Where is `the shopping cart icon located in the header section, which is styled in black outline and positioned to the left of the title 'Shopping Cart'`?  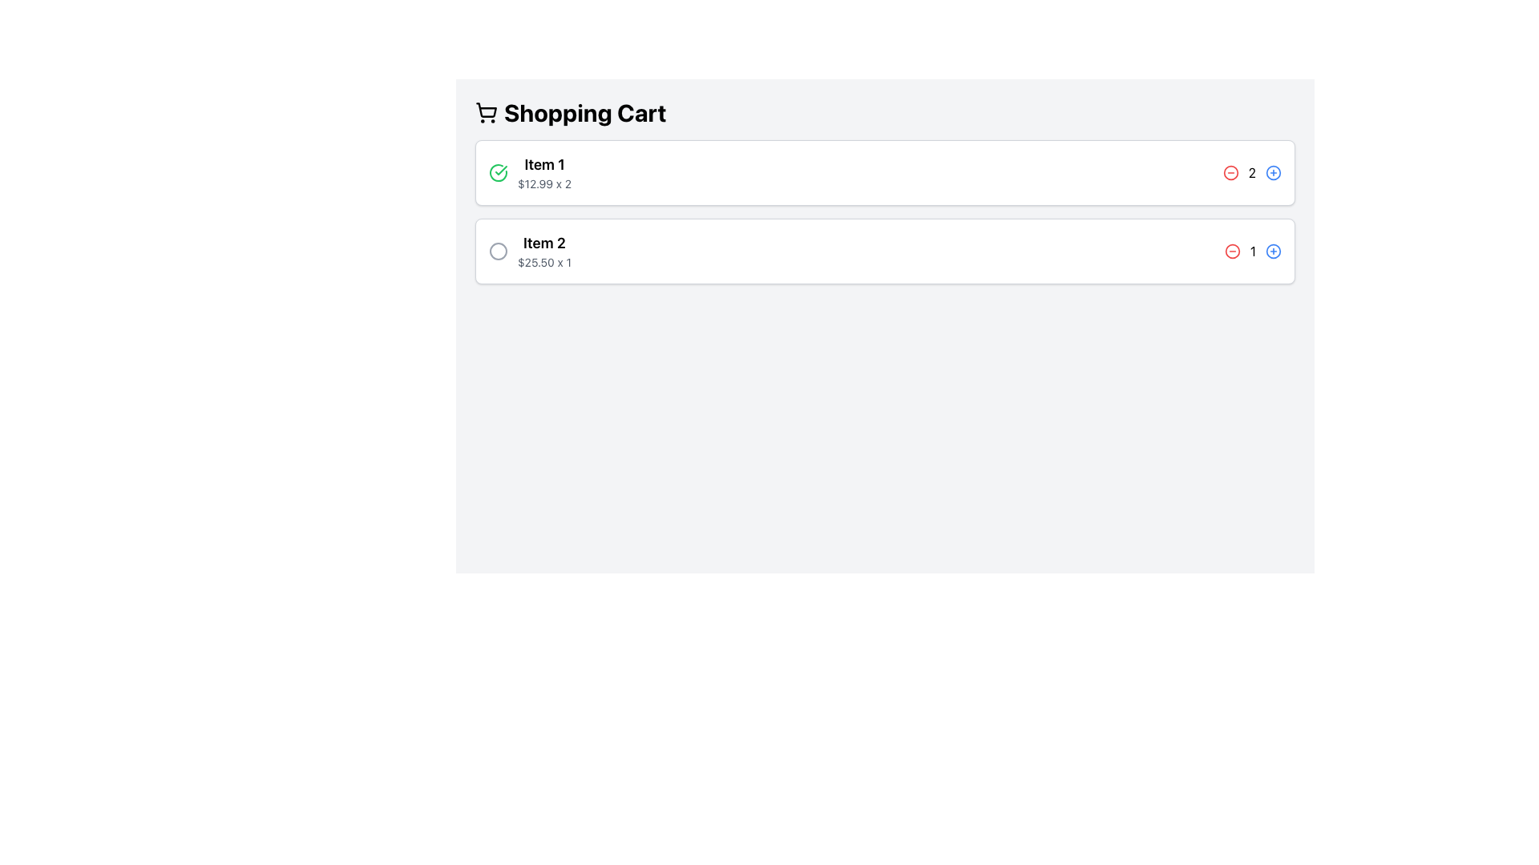
the shopping cart icon located in the header section, which is styled in black outline and positioned to the left of the title 'Shopping Cart' is located at coordinates (486, 109).